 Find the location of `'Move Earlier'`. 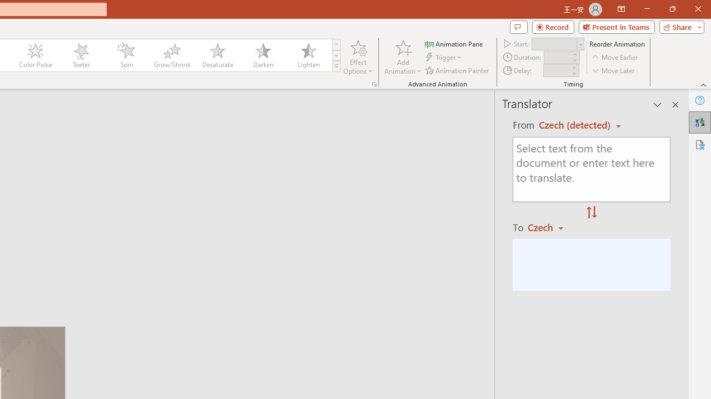

'Move Earlier' is located at coordinates (614, 57).